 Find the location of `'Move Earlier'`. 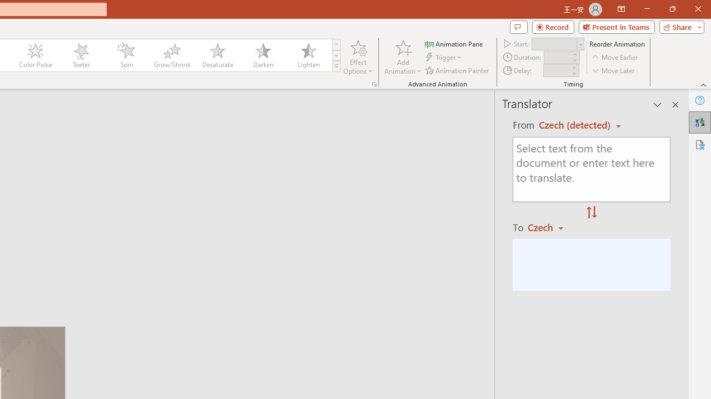

'Move Earlier' is located at coordinates (614, 57).